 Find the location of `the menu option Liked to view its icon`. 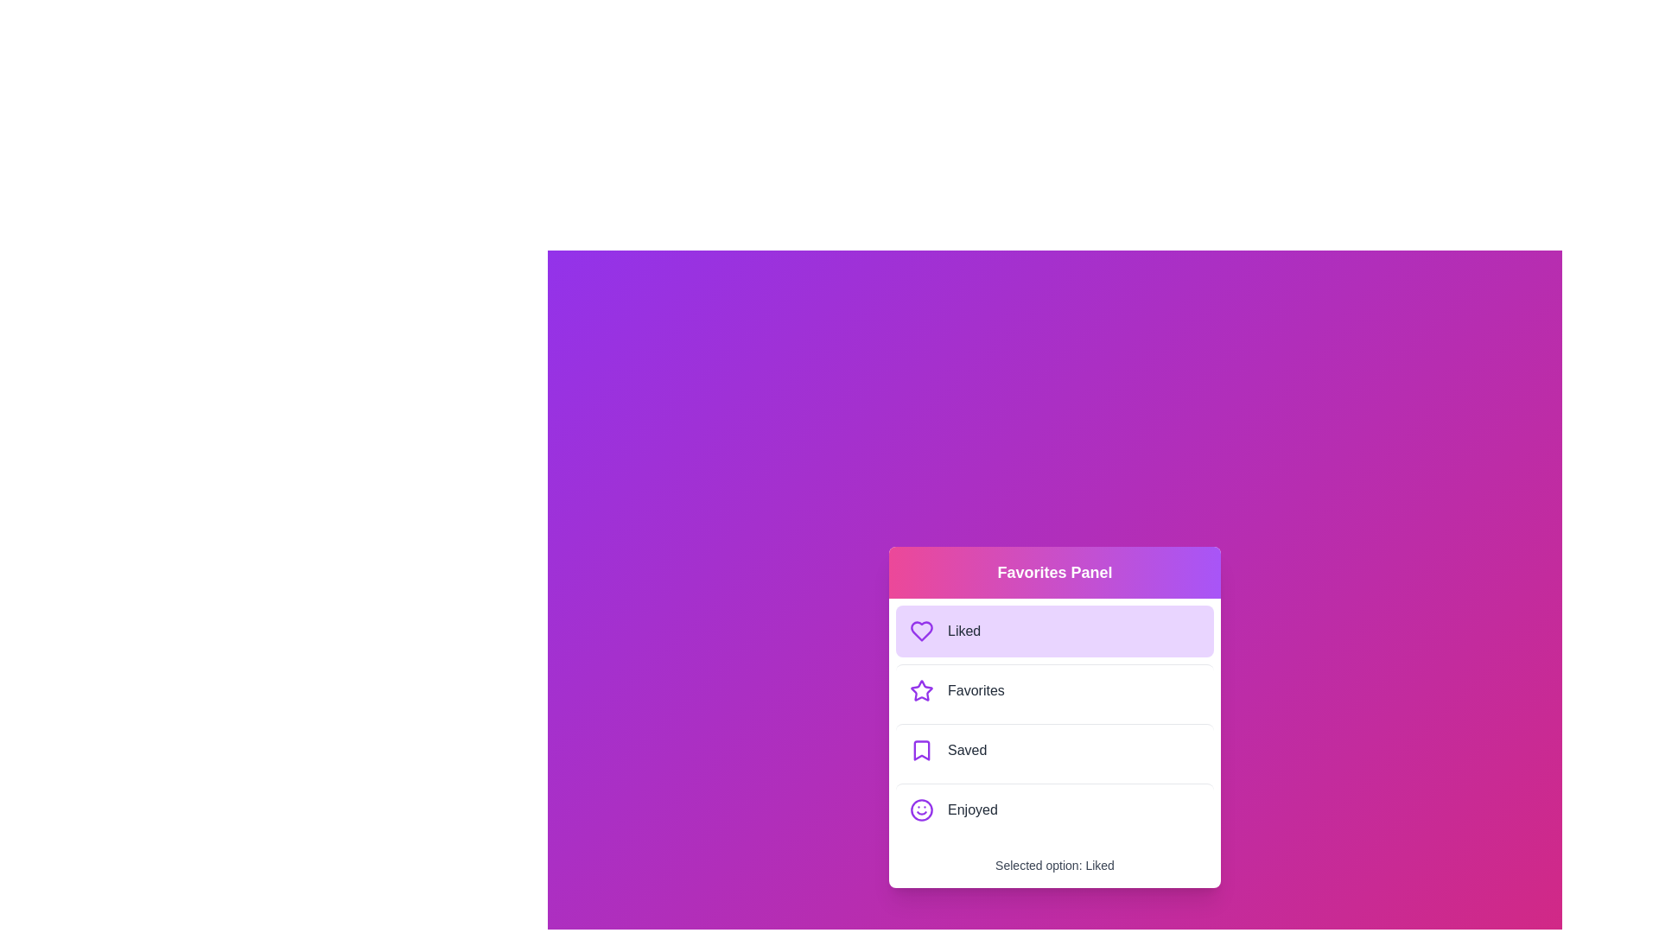

the menu option Liked to view its icon is located at coordinates (1053, 630).